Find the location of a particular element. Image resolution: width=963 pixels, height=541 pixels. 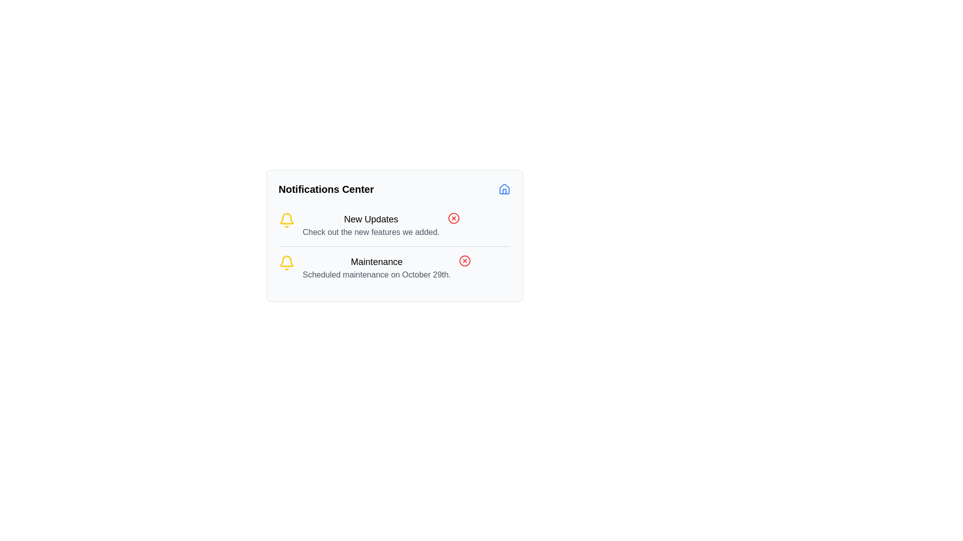

the decorative house icon located in the top-right corner of the Notification Center card, specifically focusing on the left vertical pillar of the icon is located at coordinates (504, 191).